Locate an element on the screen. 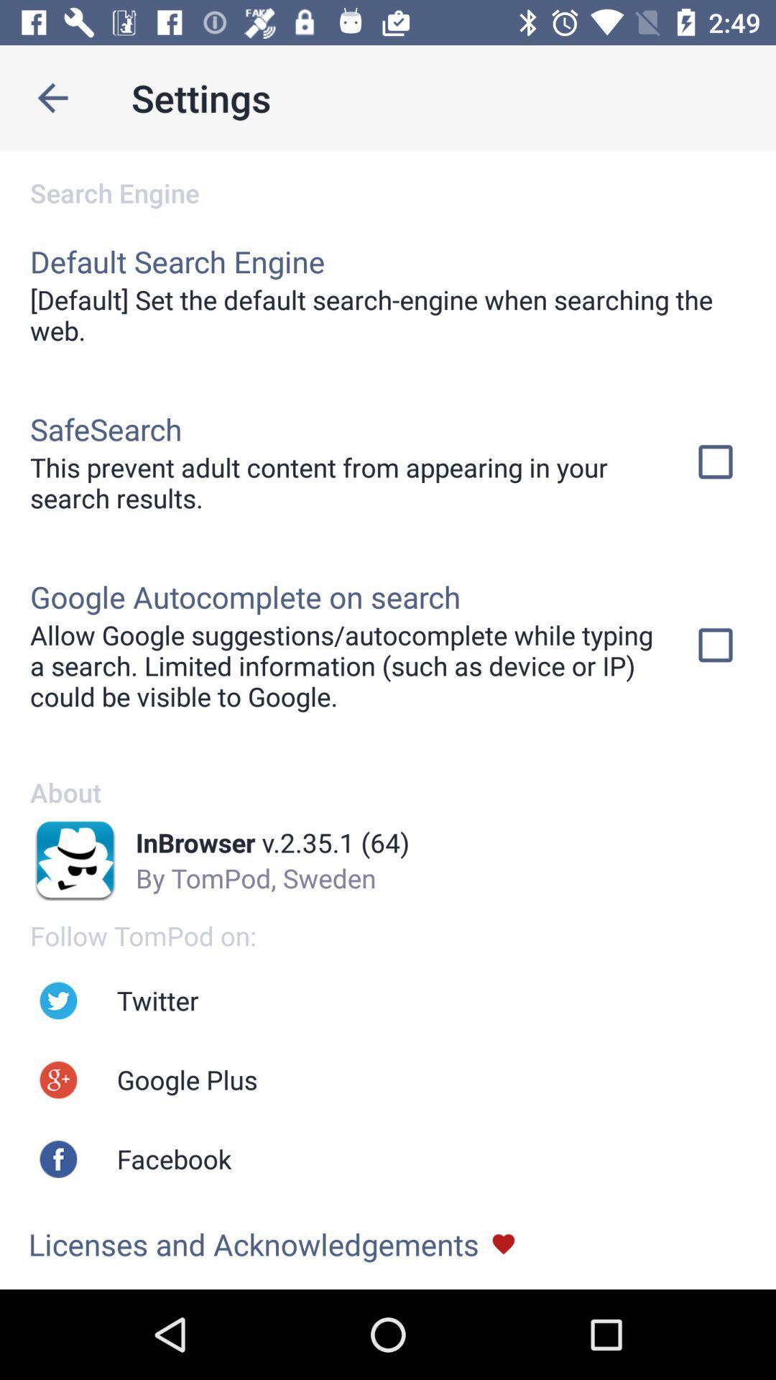 The image size is (776, 1380). the item above about icon is located at coordinates (343, 665).